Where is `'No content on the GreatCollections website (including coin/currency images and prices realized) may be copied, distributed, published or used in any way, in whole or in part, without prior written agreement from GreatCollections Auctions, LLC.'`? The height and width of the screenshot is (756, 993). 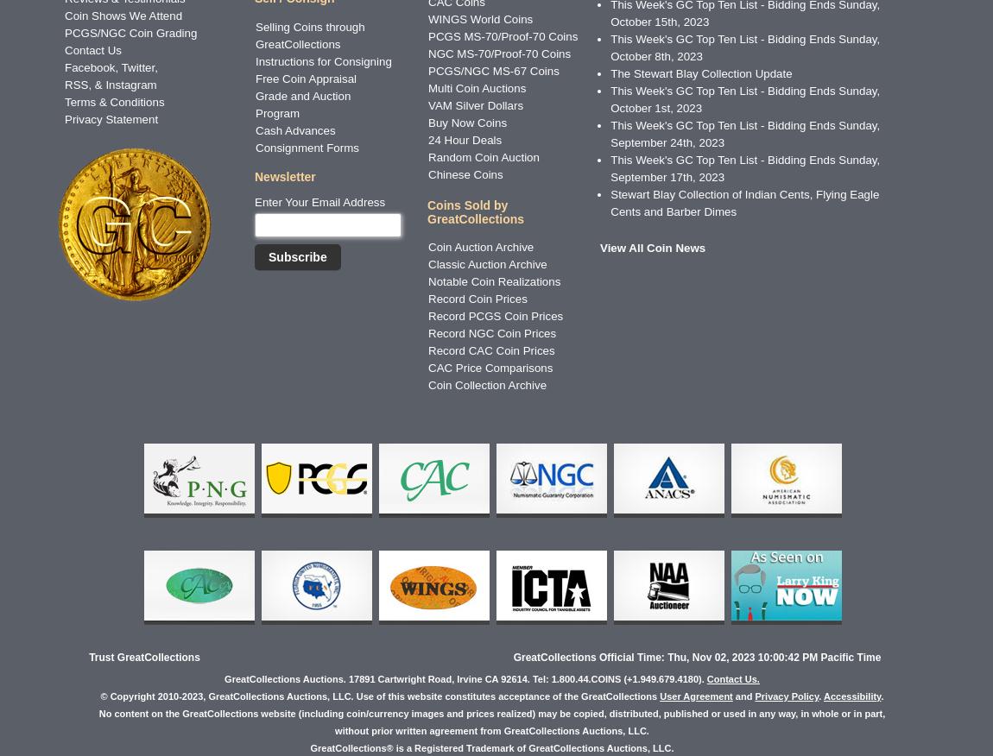
'No content on the GreatCollections website (including coin/currency images and prices realized) may be copied, distributed, published or used in any way, in whole or in part, without prior written agreement from GreatCollections Auctions, LLC.' is located at coordinates (491, 722).